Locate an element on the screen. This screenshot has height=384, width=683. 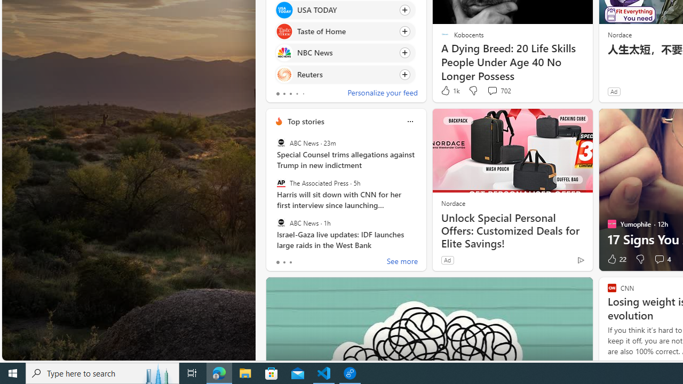
'Top stories' is located at coordinates (305, 121).